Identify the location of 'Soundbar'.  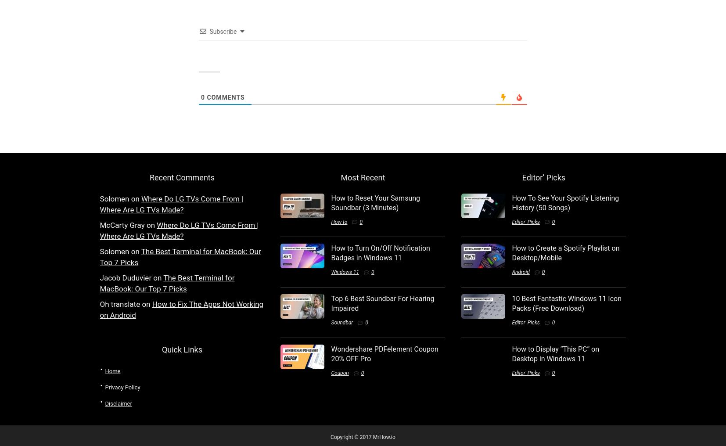
(342, 322).